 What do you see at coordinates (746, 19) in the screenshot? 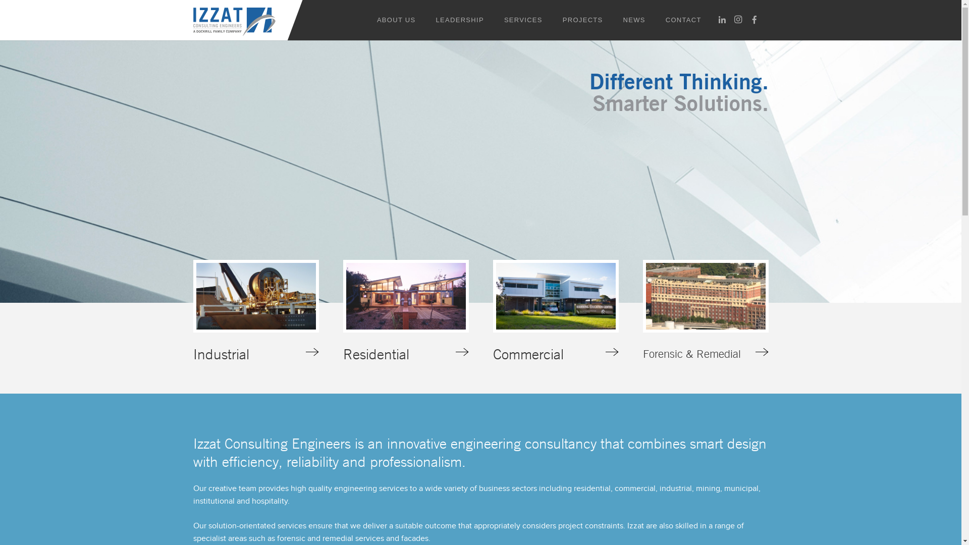
I see `'Facebook'` at bounding box center [746, 19].